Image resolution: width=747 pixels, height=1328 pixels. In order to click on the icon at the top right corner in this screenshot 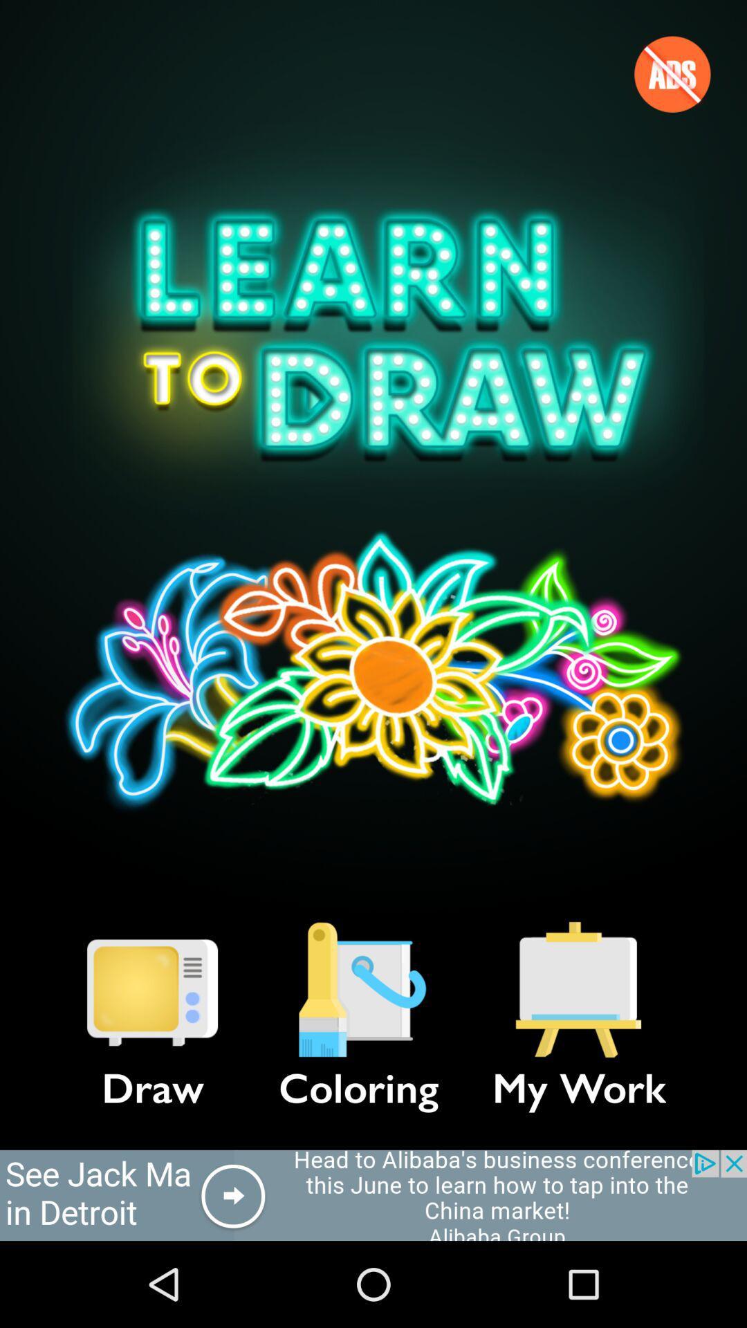, I will do `click(672, 73)`.